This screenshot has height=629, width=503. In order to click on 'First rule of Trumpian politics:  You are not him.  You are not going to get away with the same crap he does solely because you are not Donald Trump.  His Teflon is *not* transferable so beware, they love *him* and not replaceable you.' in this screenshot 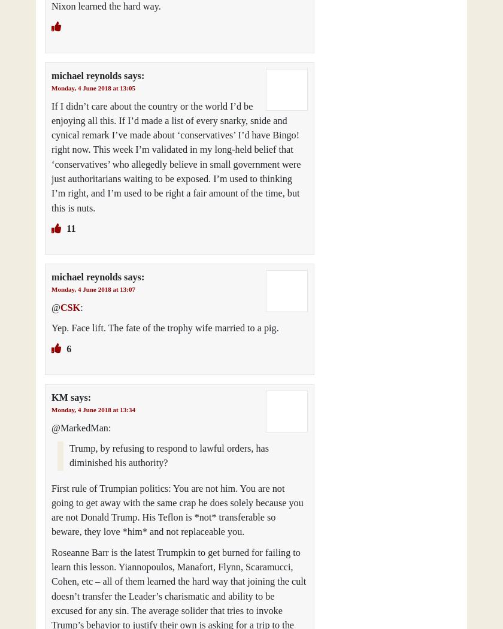, I will do `click(177, 510)`.